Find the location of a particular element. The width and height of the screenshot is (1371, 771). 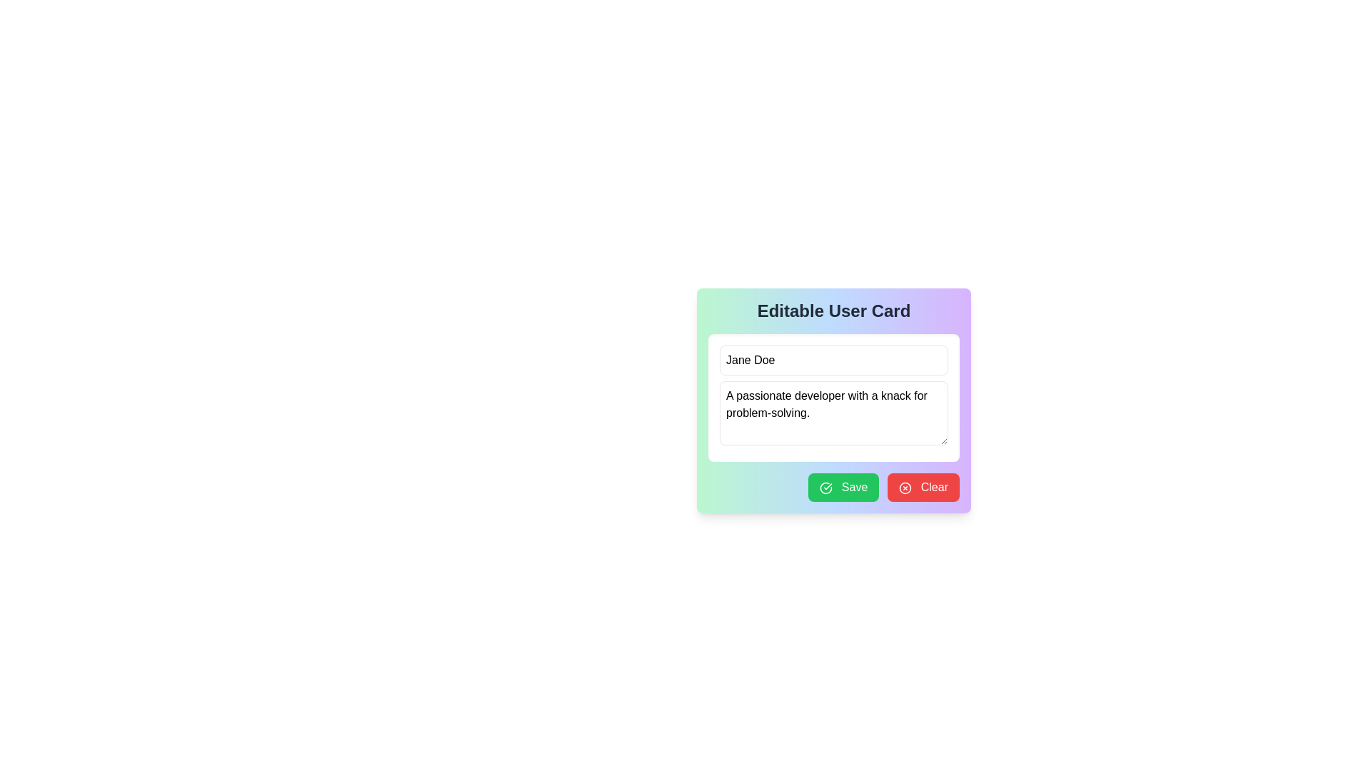

the green circular checkmark icon, which is located within the 'Save' button at the bottom right of the user information panel is located at coordinates (826, 487).